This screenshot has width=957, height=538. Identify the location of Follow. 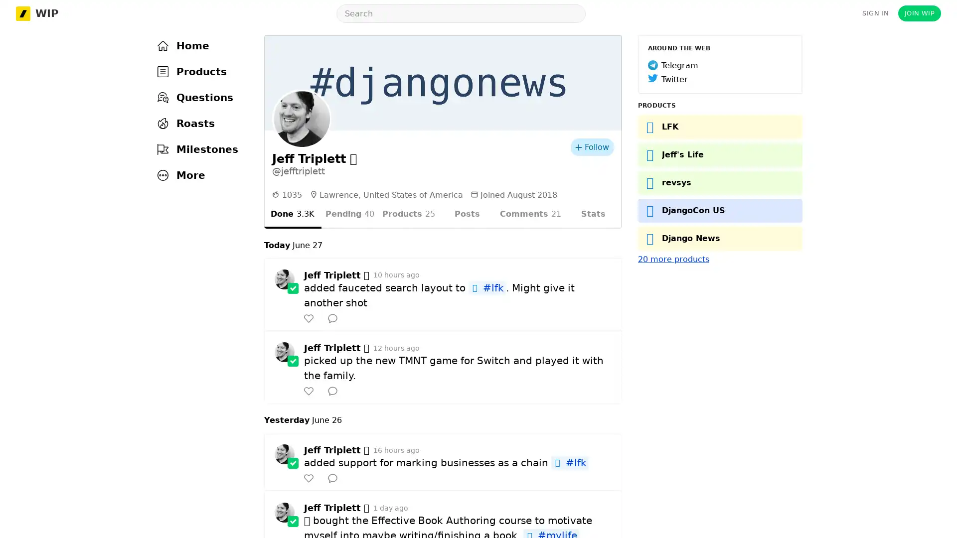
(592, 147).